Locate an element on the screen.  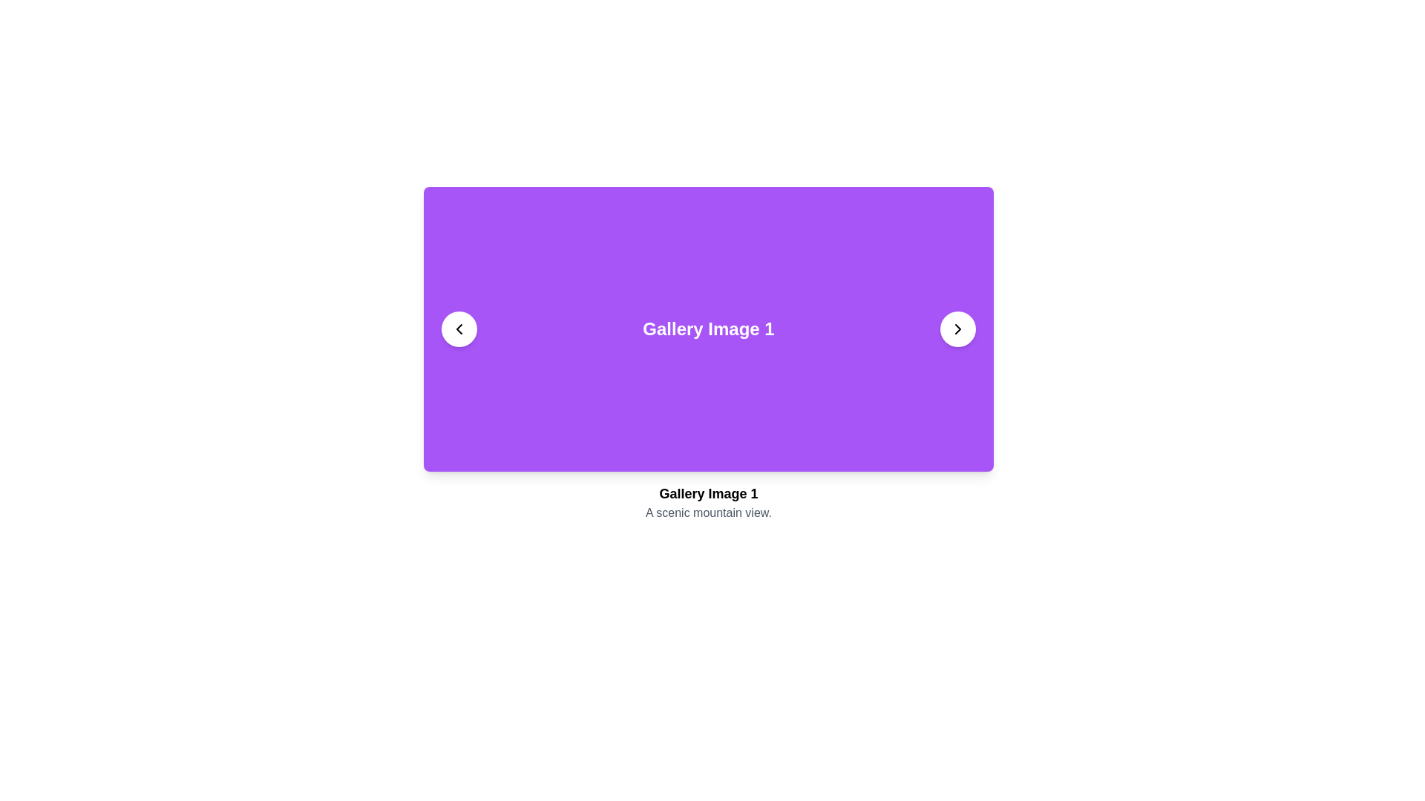
text label displaying 'A scenic mountain view.' located beneath the 'Gallery Image 1' heading in gray color is located at coordinates (708, 512).